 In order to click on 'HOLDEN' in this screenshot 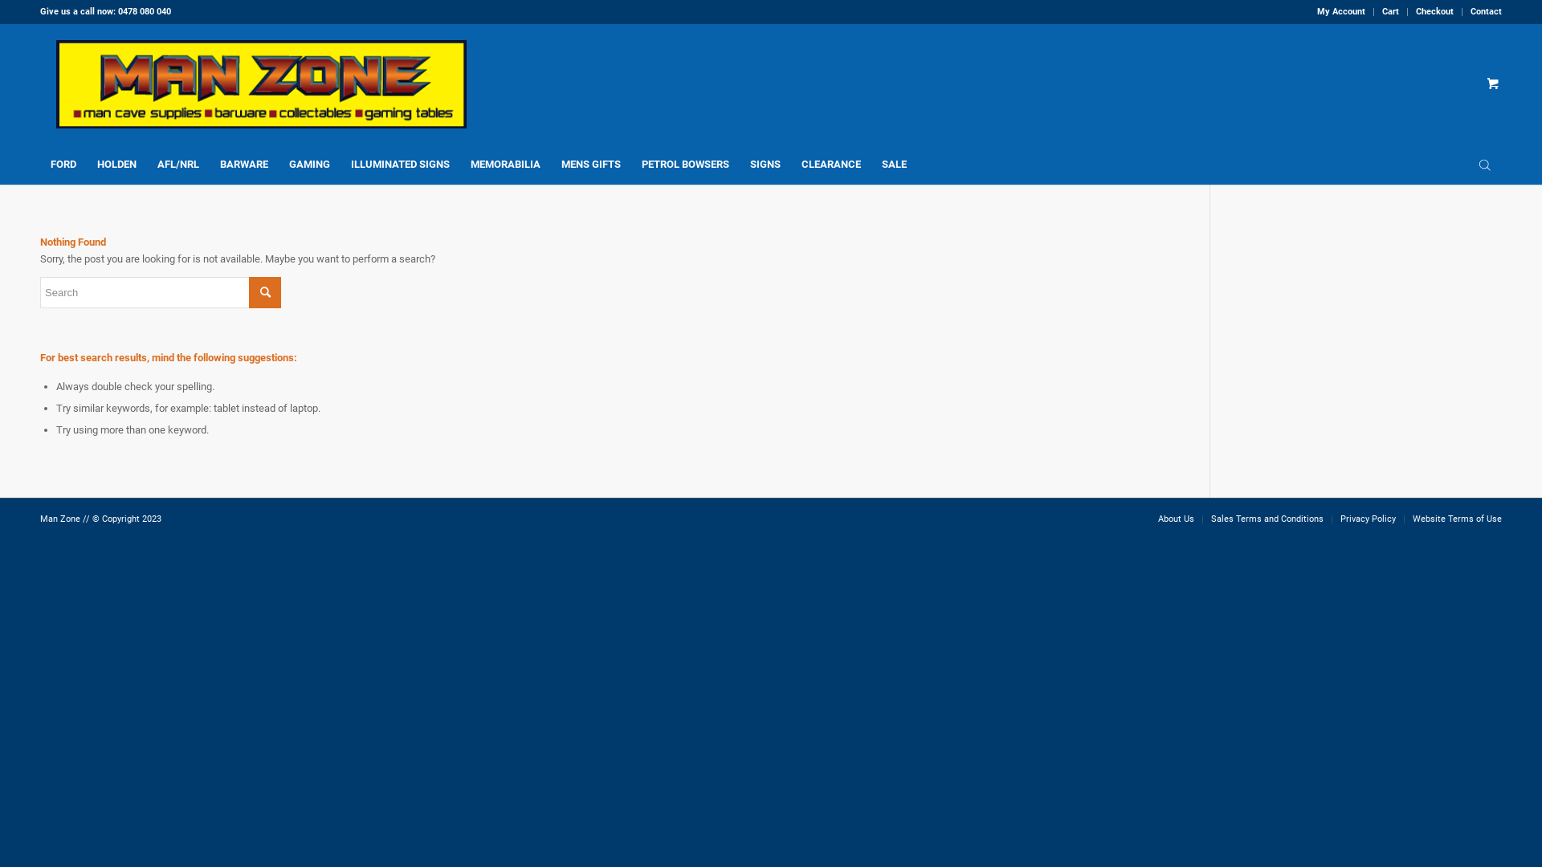, I will do `click(116, 164)`.